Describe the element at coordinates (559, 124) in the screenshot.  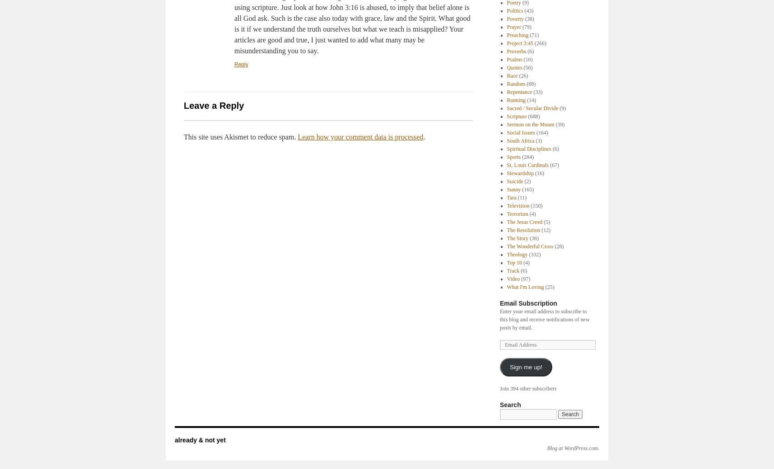
I see `'(39)'` at that location.